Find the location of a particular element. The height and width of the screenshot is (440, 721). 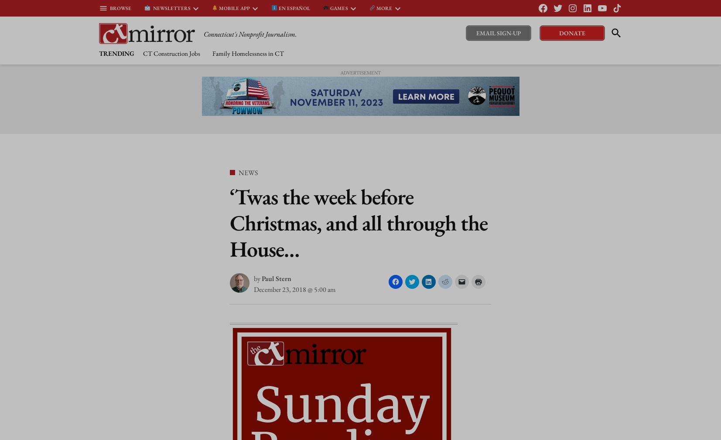

'CT Mirror' is located at coordinates (221, 35).